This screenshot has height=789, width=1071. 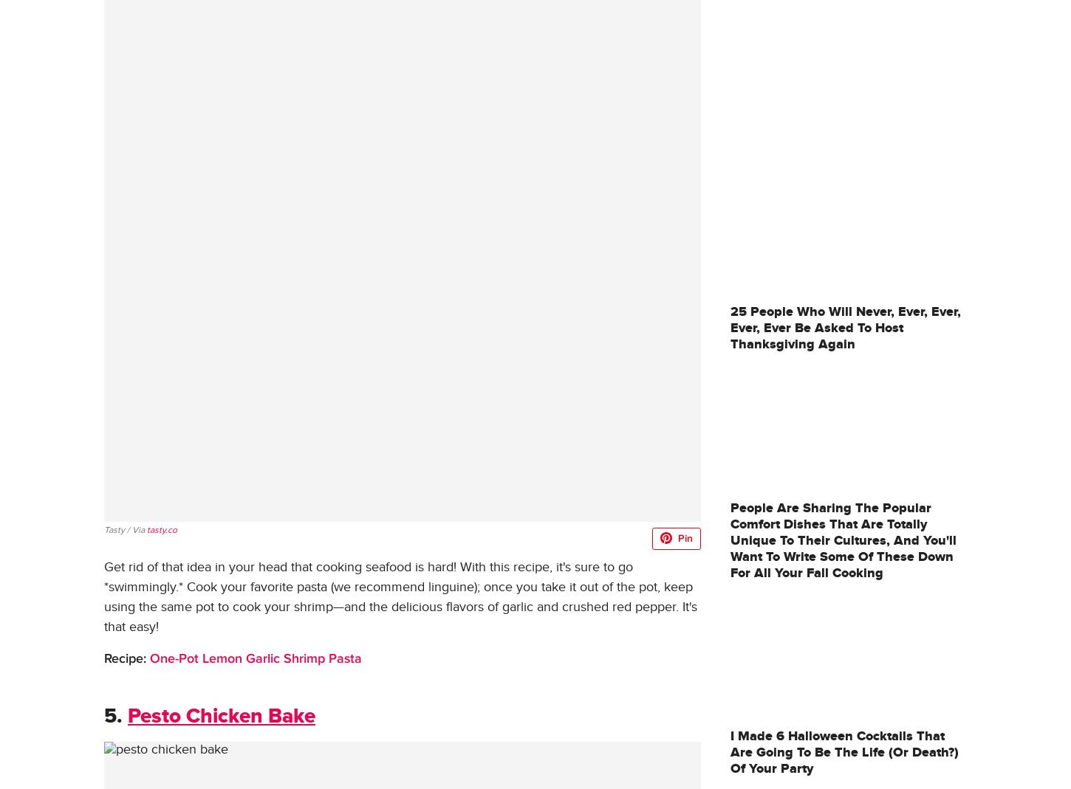 I want to click on 'tasty.co', so click(x=161, y=529).